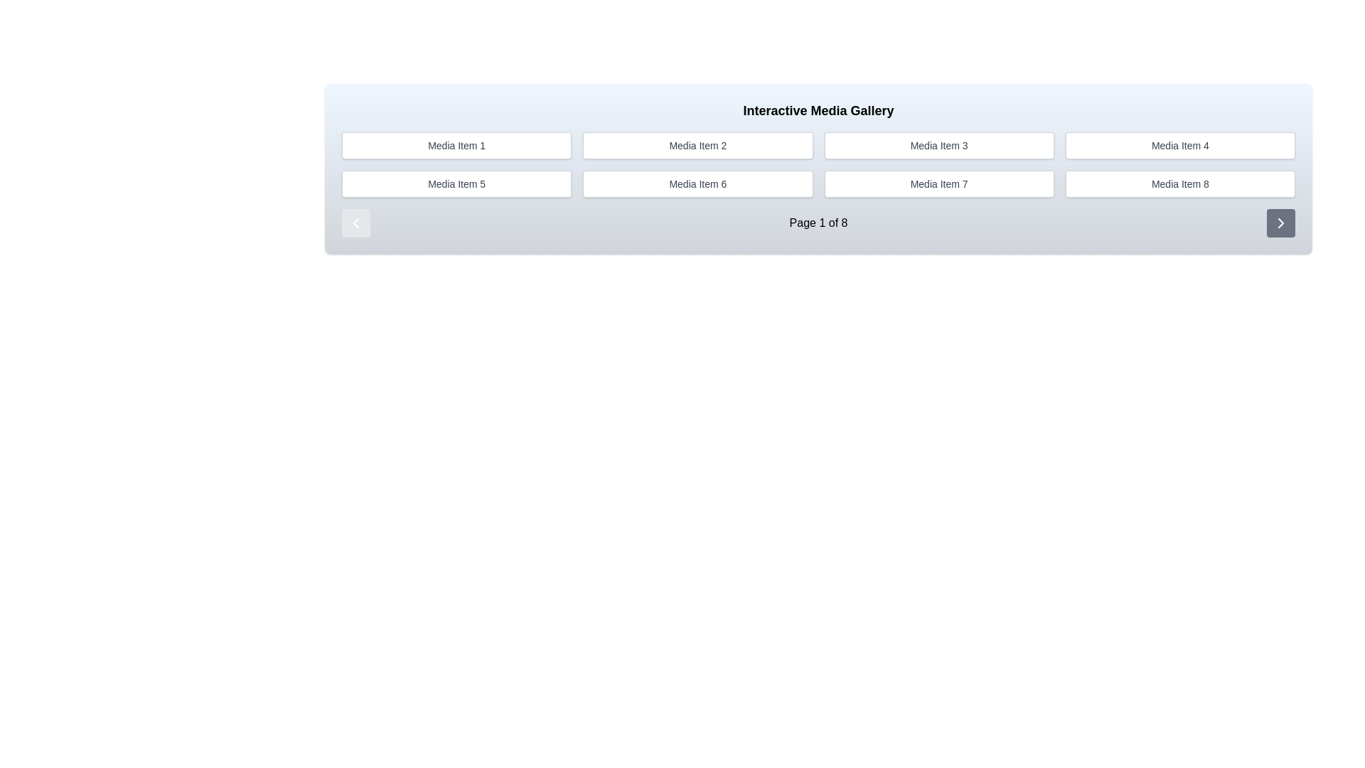  What do you see at coordinates (697, 145) in the screenshot?
I see `the static text-display card containing 'Media Item 2', which is styled with a white background, rounded edges, and a shadow effect, located in the first row and second column of the grid layout` at bounding box center [697, 145].